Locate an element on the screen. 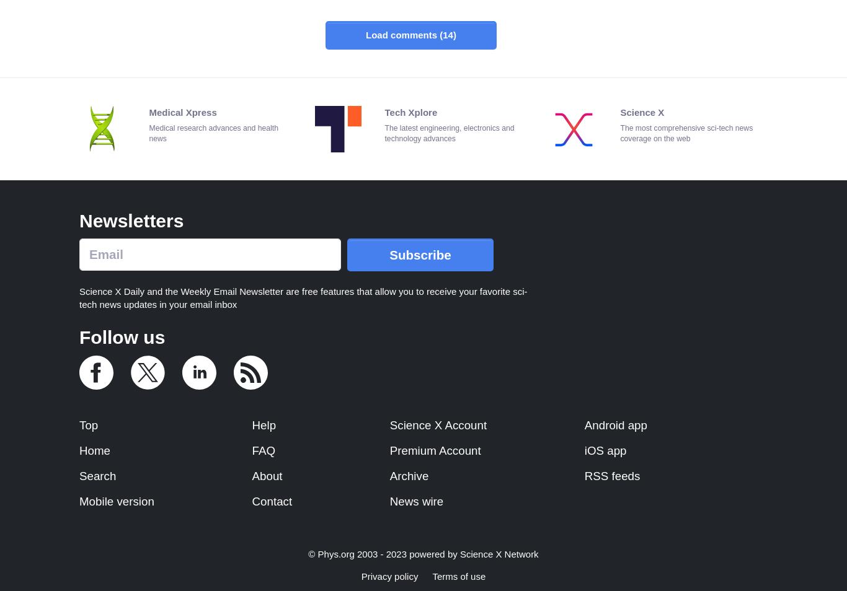 The image size is (847, 591). 'Load comments (14)' is located at coordinates (410, 34).